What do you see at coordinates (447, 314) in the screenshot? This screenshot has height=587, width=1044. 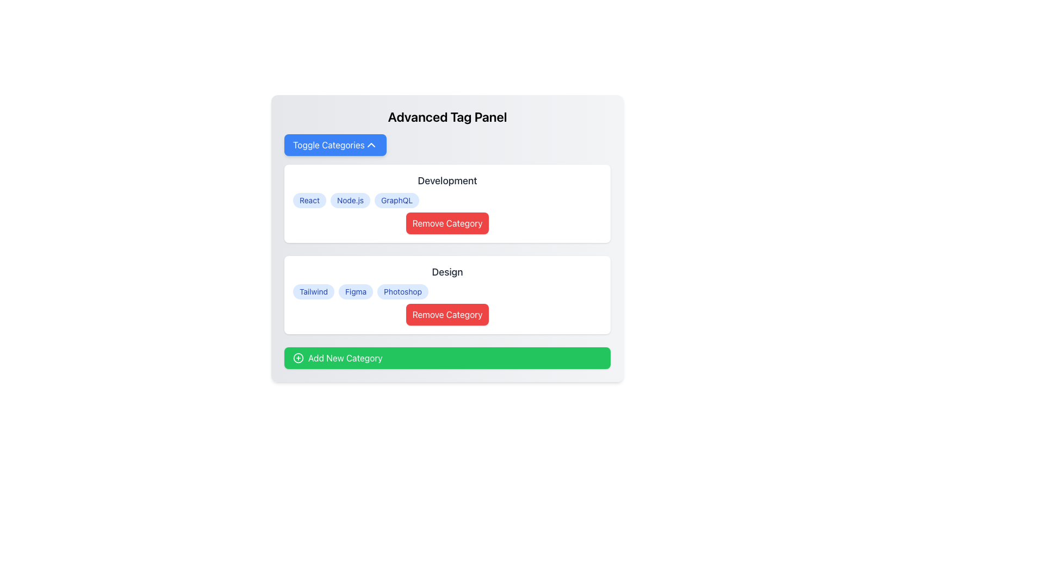 I see `the 'Remove Category' button, which is a red button with white text, located near the bottom-right corner of the 'Design' box` at bounding box center [447, 314].